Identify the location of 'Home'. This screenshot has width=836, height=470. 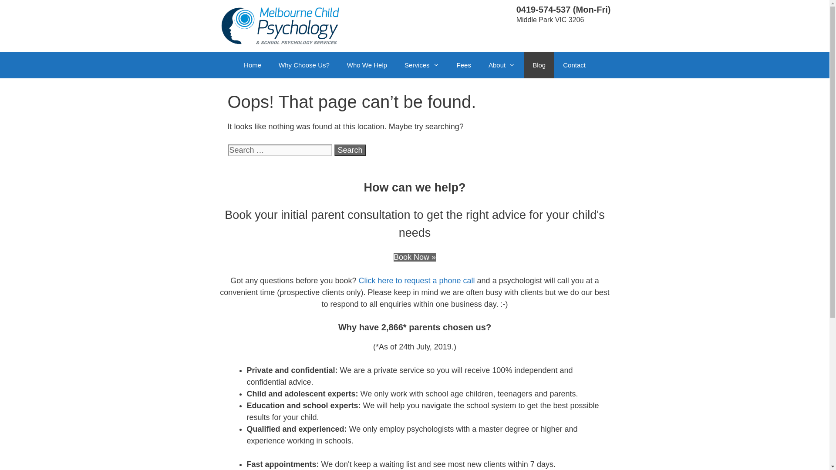
(252, 65).